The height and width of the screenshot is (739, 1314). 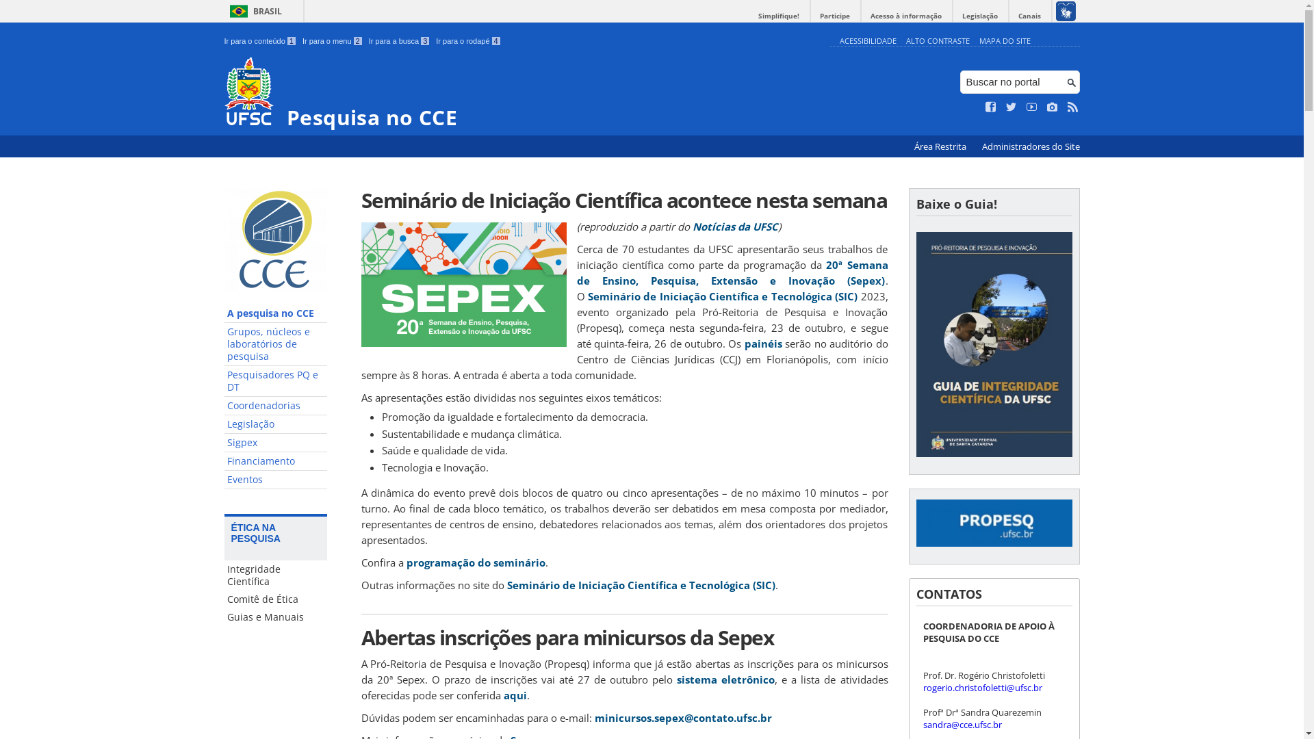 I want to click on 'Administradores do Site', so click(x=1030, y=146).